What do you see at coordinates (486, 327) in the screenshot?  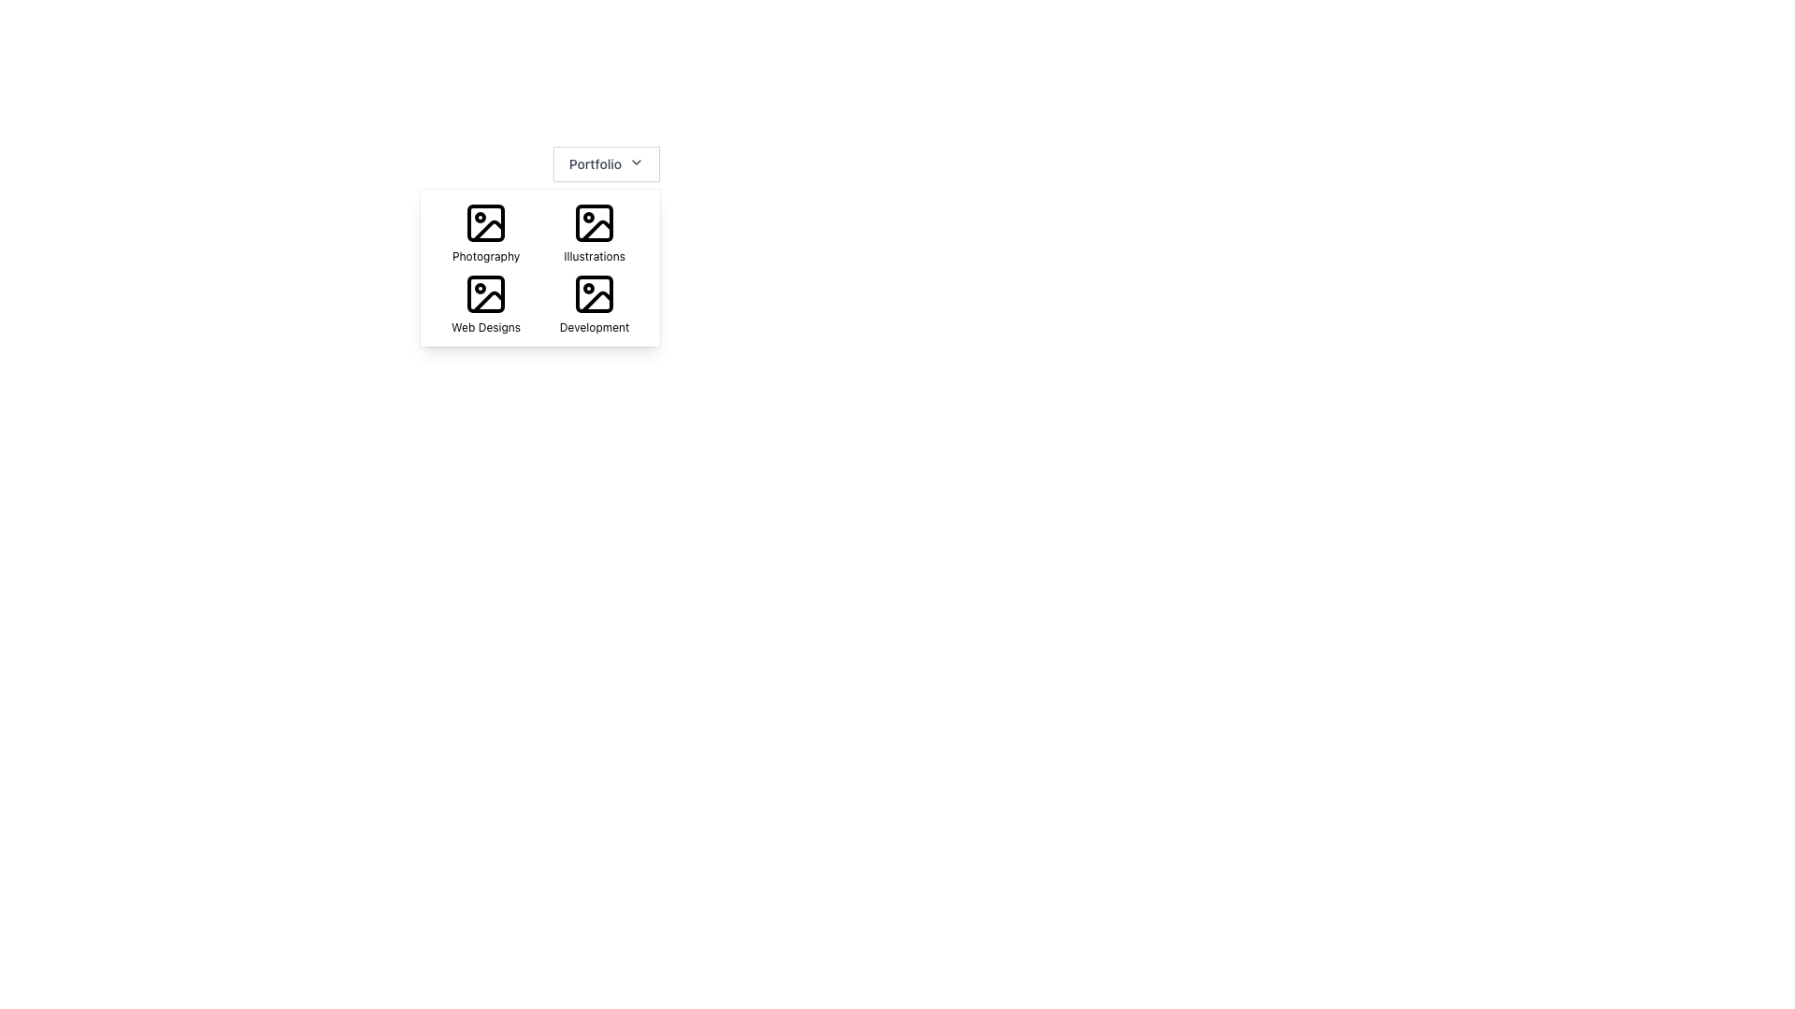 I see `the text label that describes the 'Web Designs' icon located beneath the bottom-left icon in a 2x2 grid of visual elements` at bounding box center [486, 327].